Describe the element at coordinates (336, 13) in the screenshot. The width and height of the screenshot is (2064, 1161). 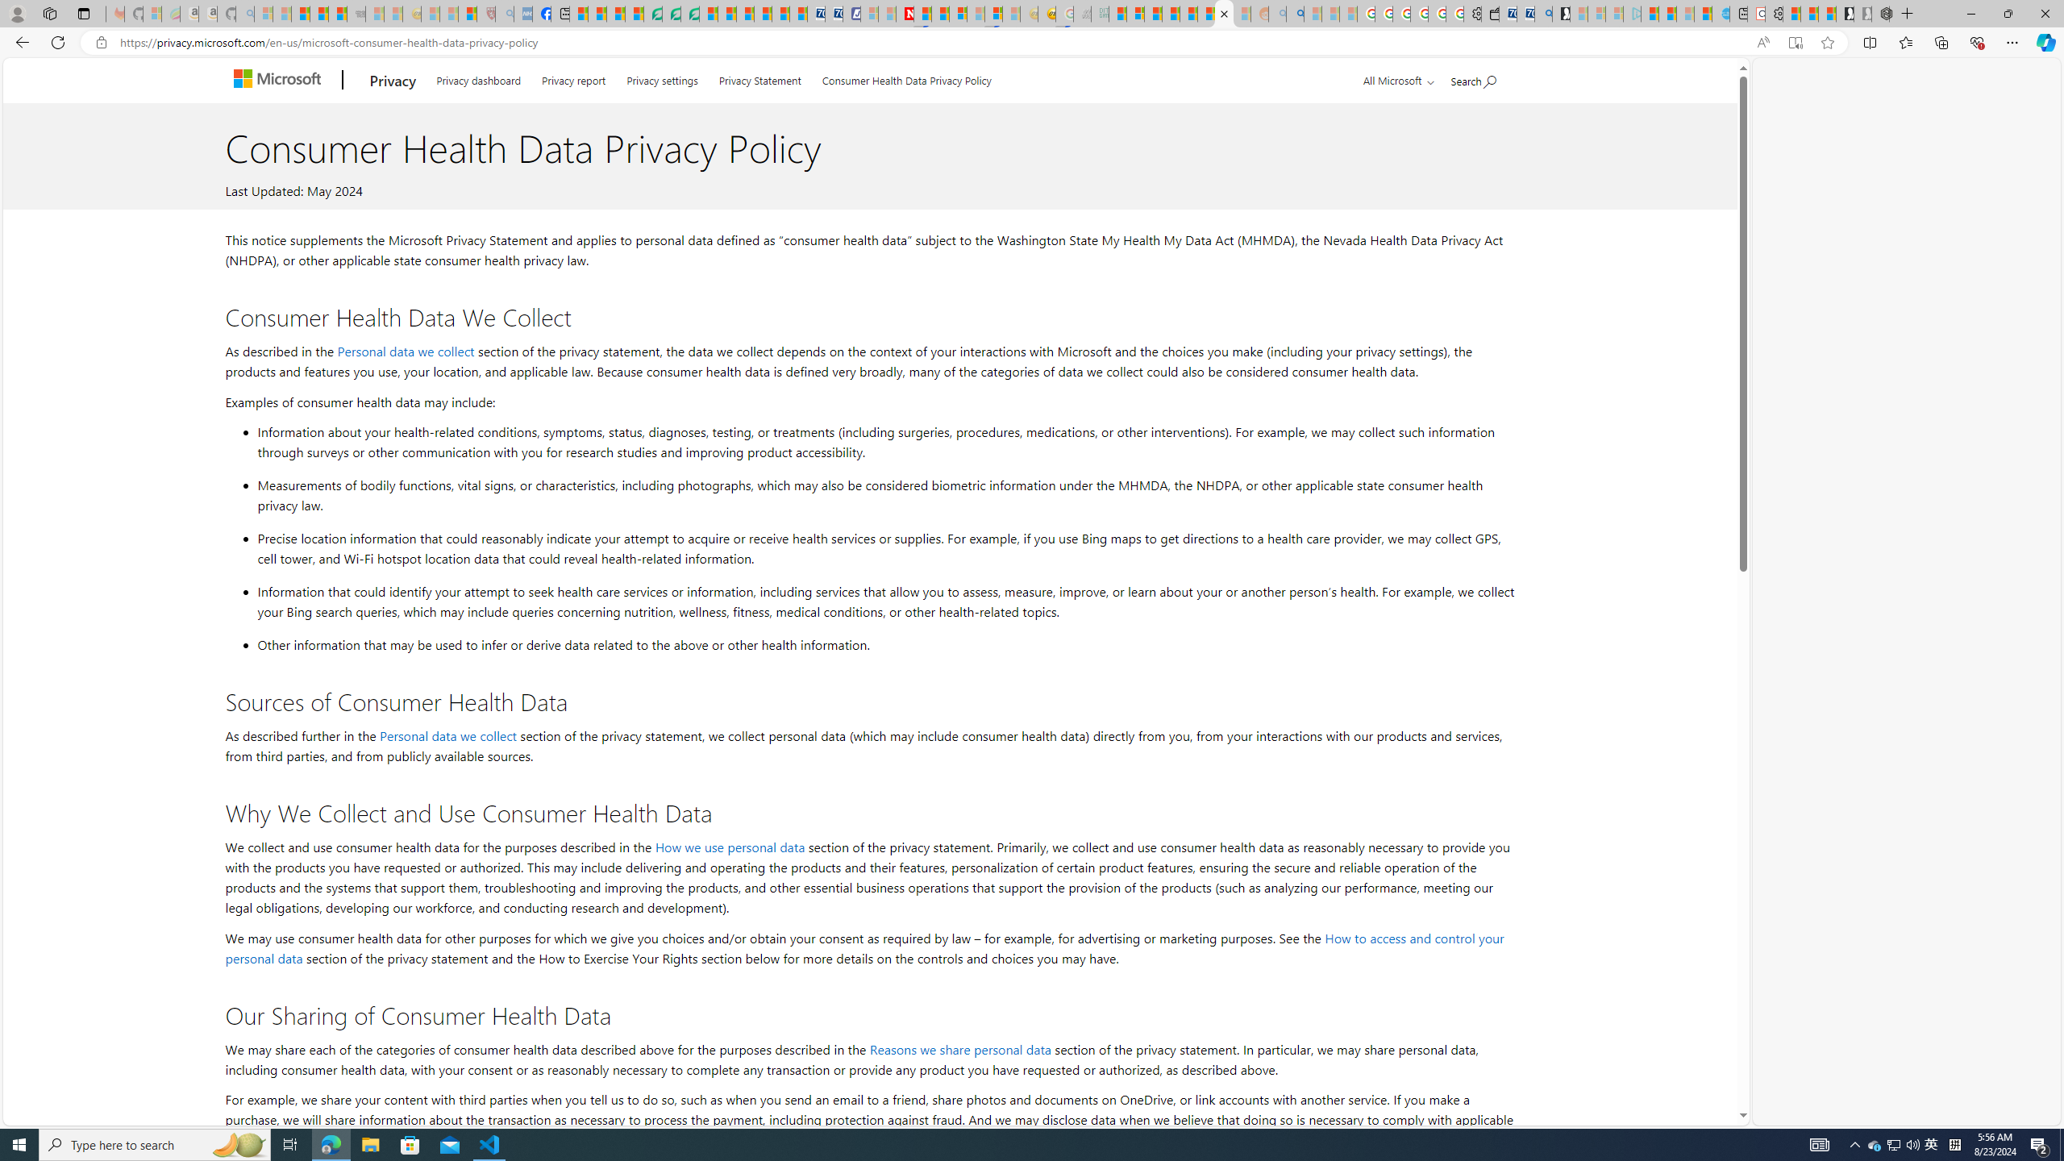
I see `'New Report Confirms 2023 Was Record Hot | Watch'` at that location.